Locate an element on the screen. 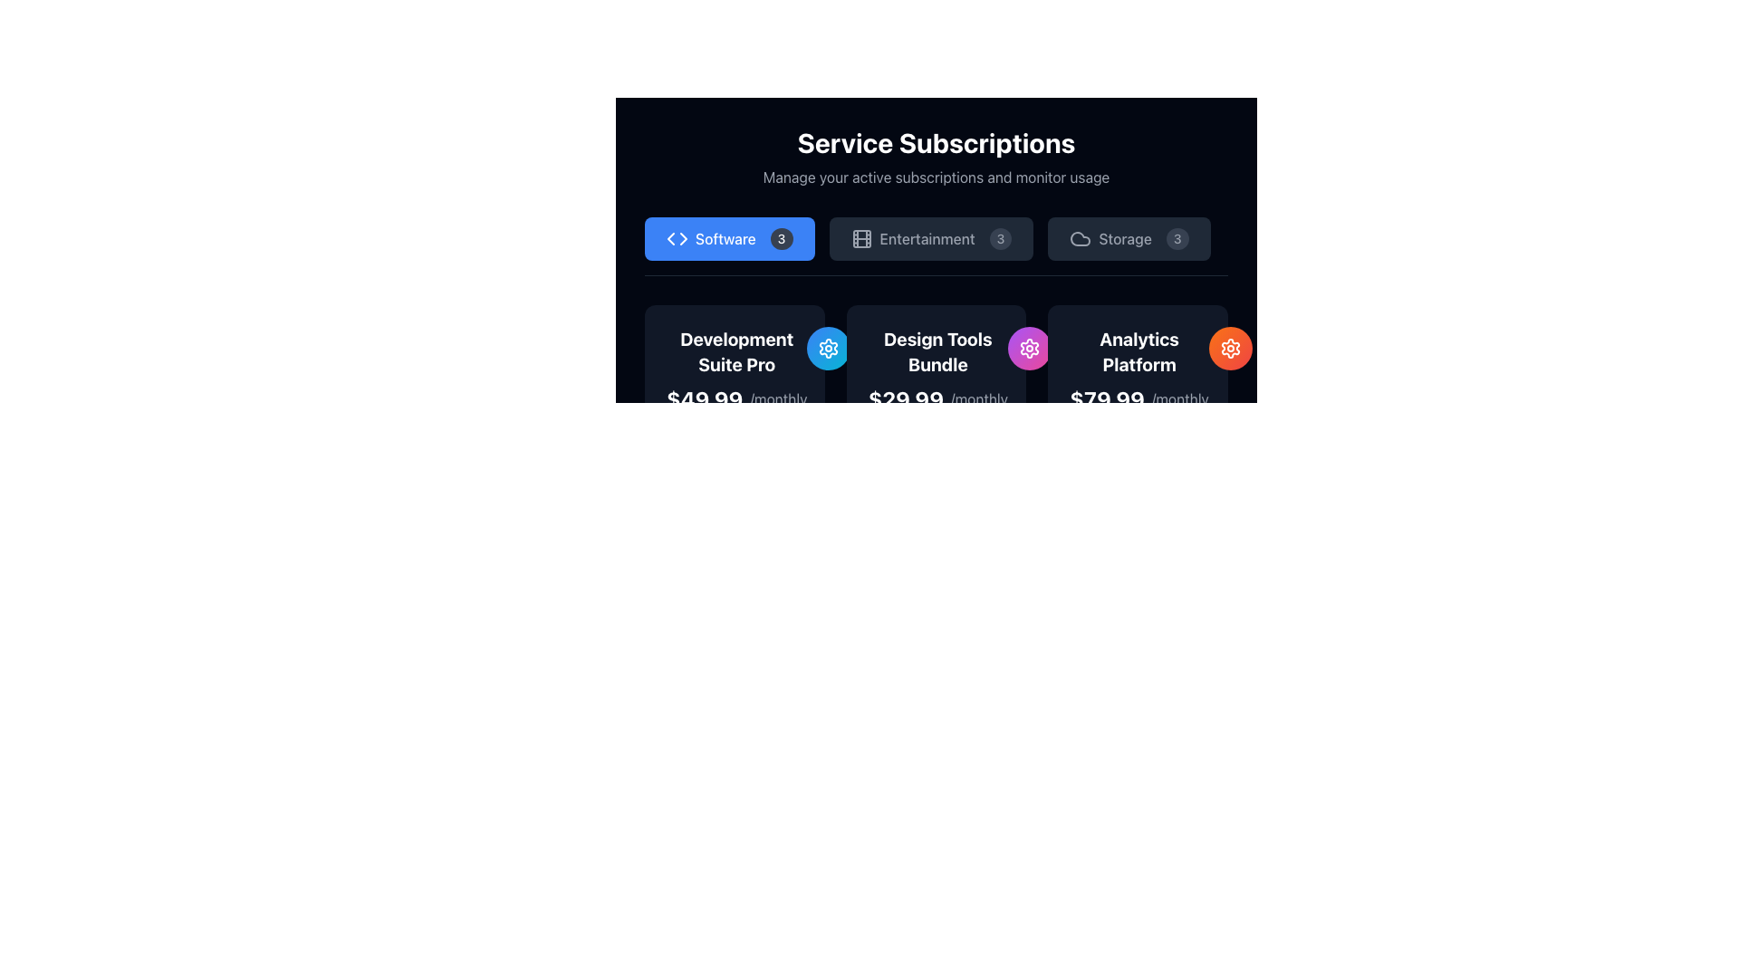  the price label displaying '$79.99' in bold white font within the 'Analytics Platform' pricing card is located at coordinates (1106, 398).